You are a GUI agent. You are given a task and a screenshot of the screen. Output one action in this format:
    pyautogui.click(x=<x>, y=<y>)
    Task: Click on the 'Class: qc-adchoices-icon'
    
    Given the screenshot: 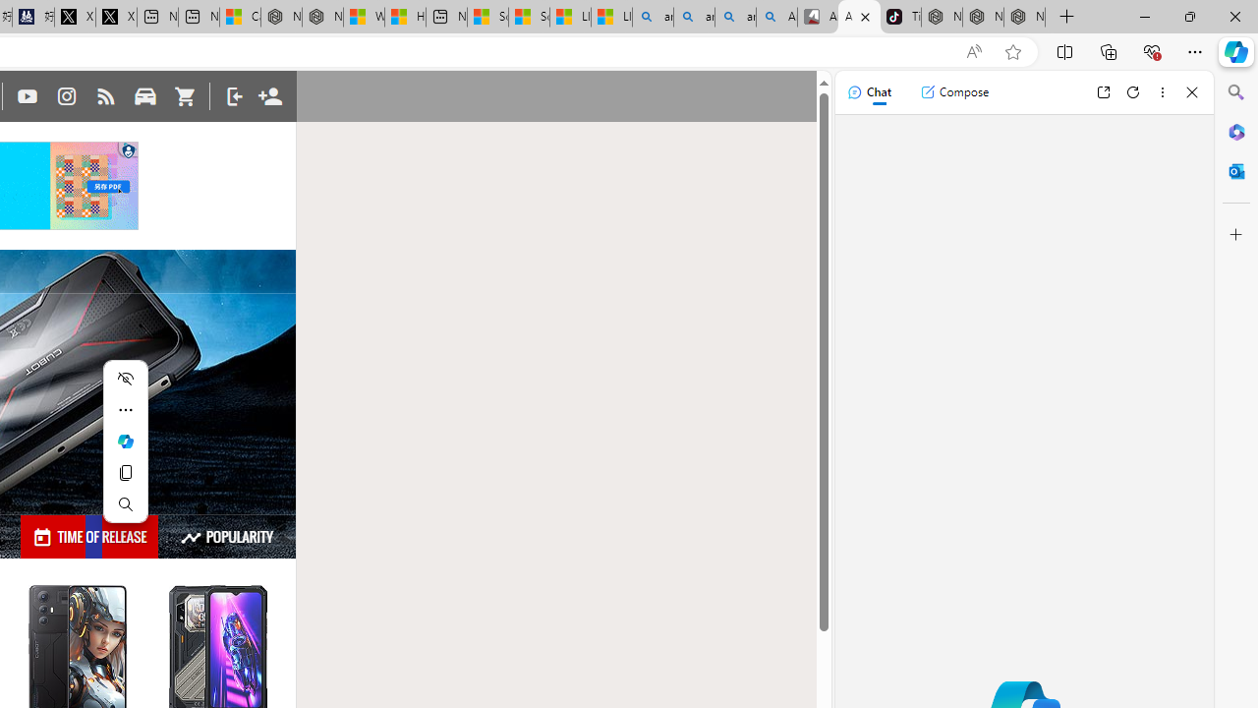 What is the action you would take?
    pyautogui.click(x=129, y=147)
    